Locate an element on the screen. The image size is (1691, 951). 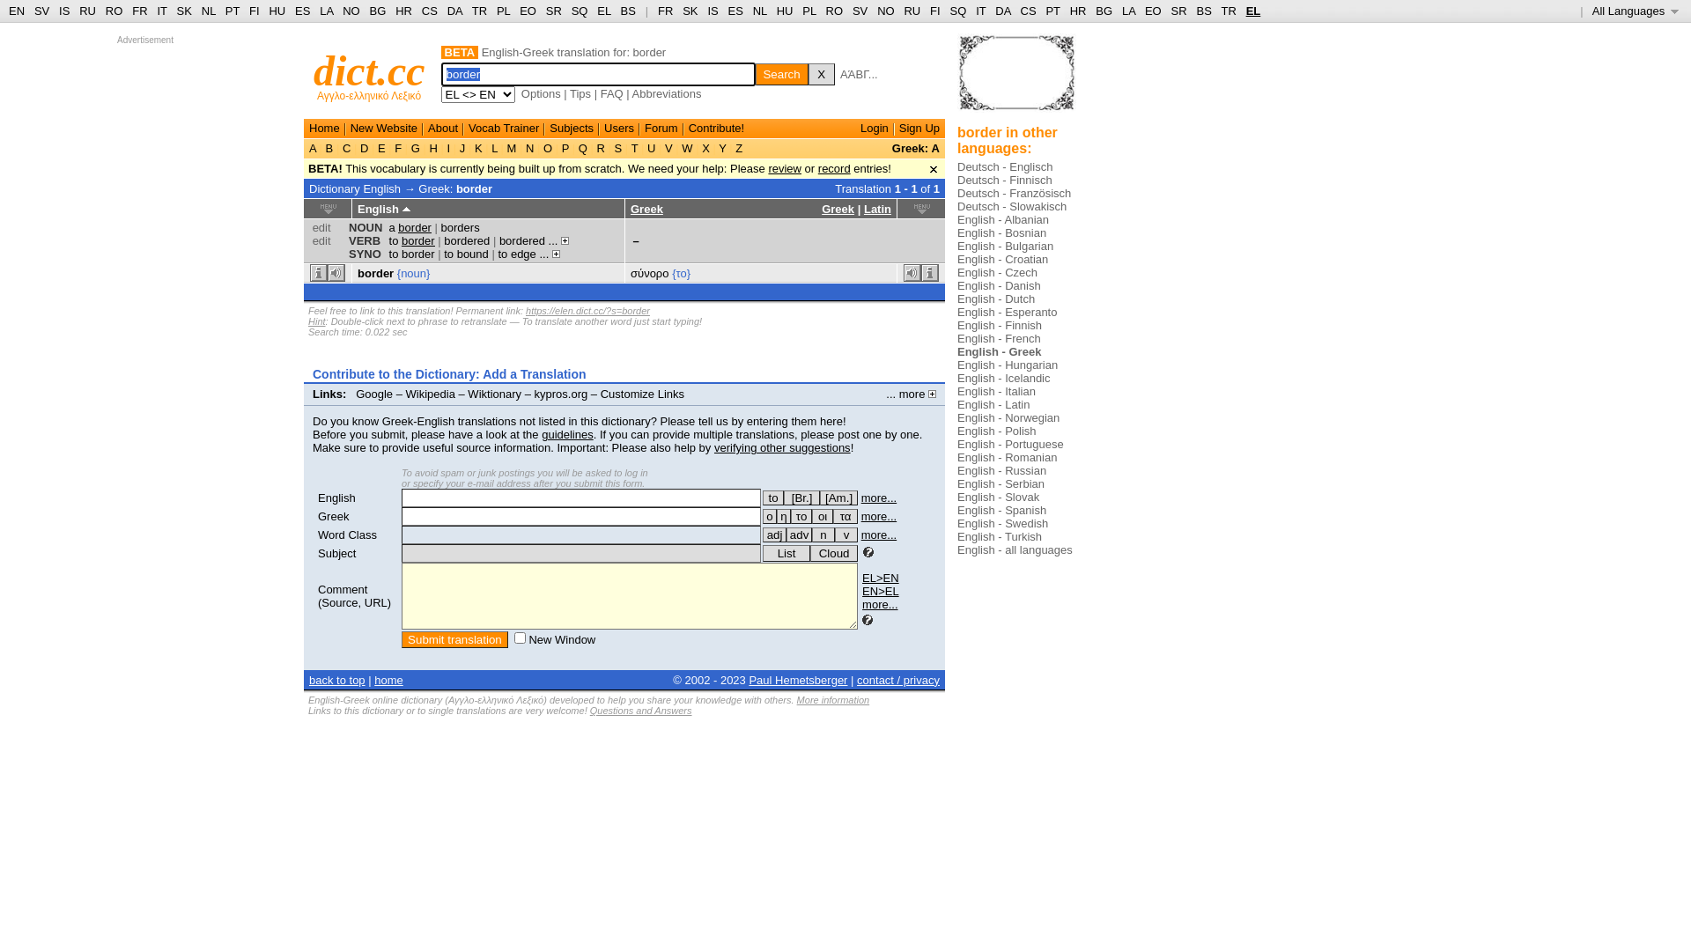
'NL' is located at coordinates (760, 11).